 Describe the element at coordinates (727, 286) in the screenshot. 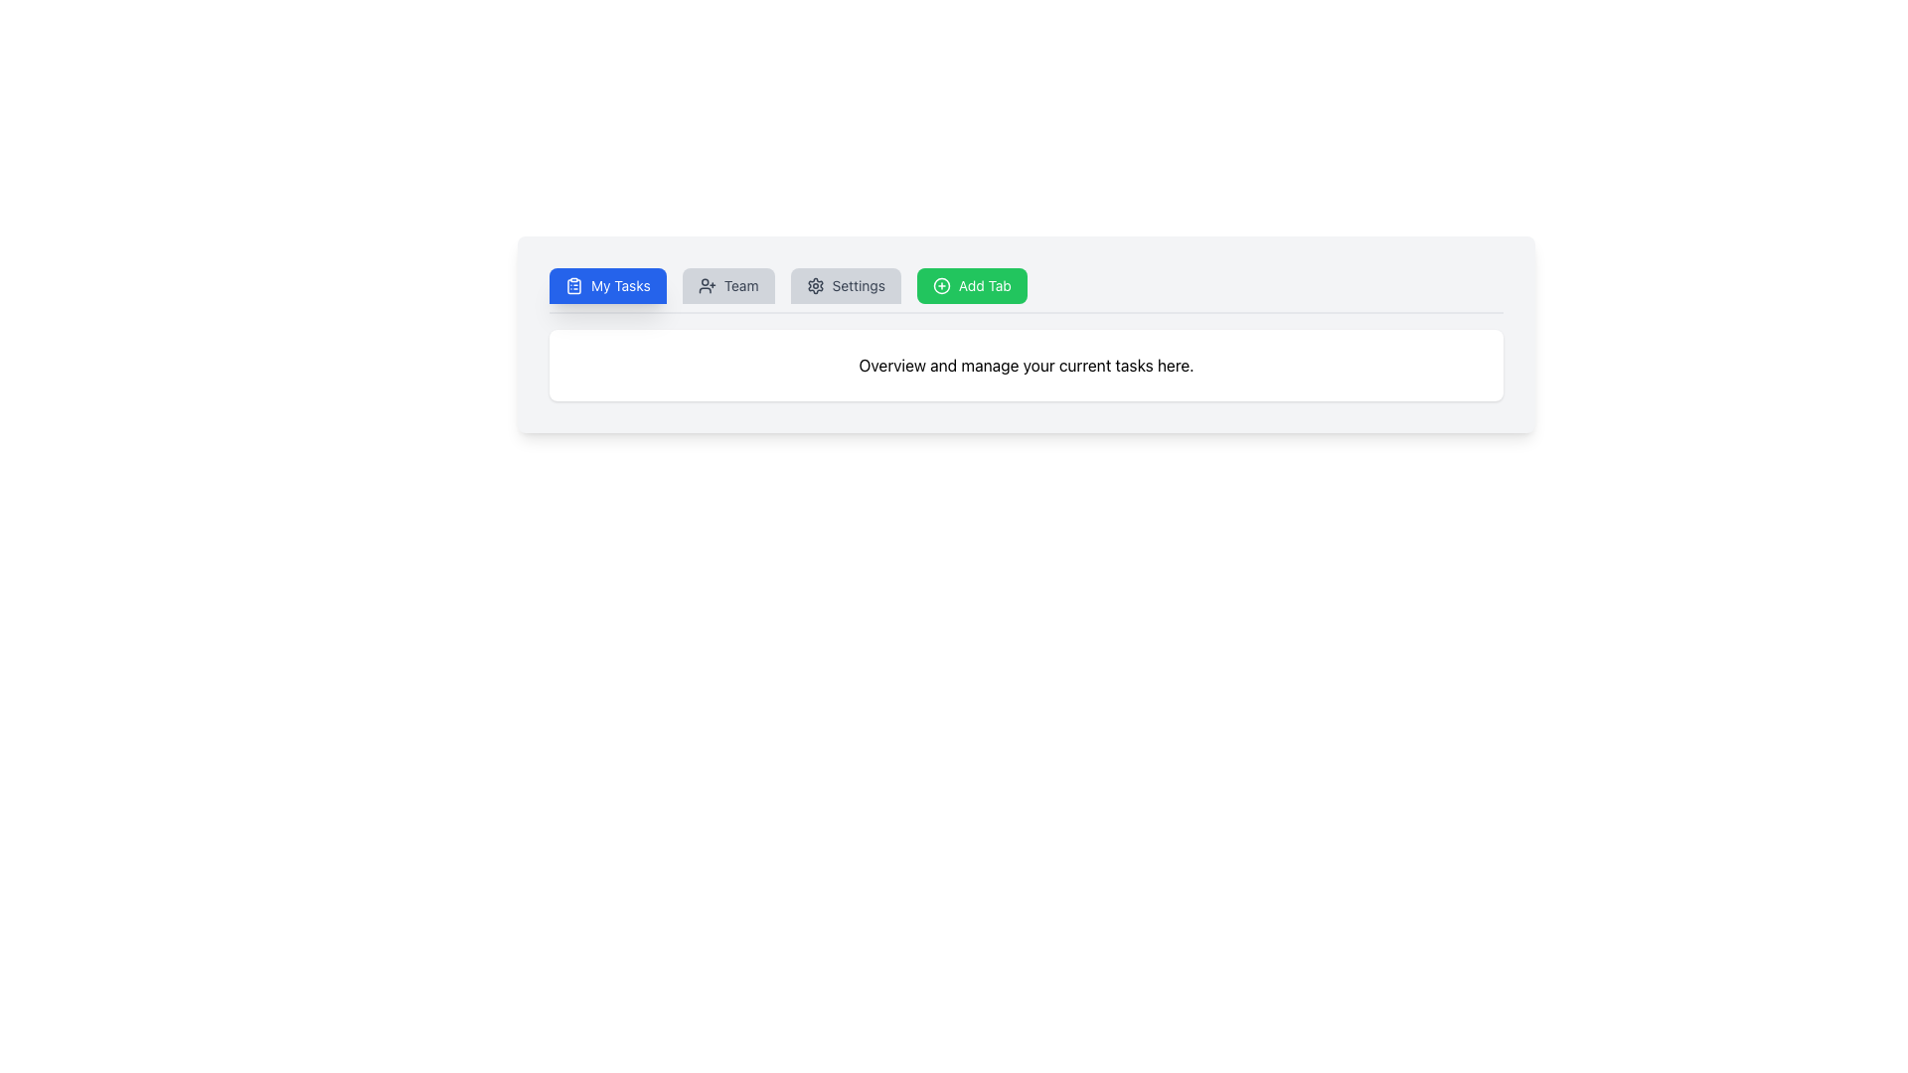

I see `the 'Team' button in the navigation bar` at that location.